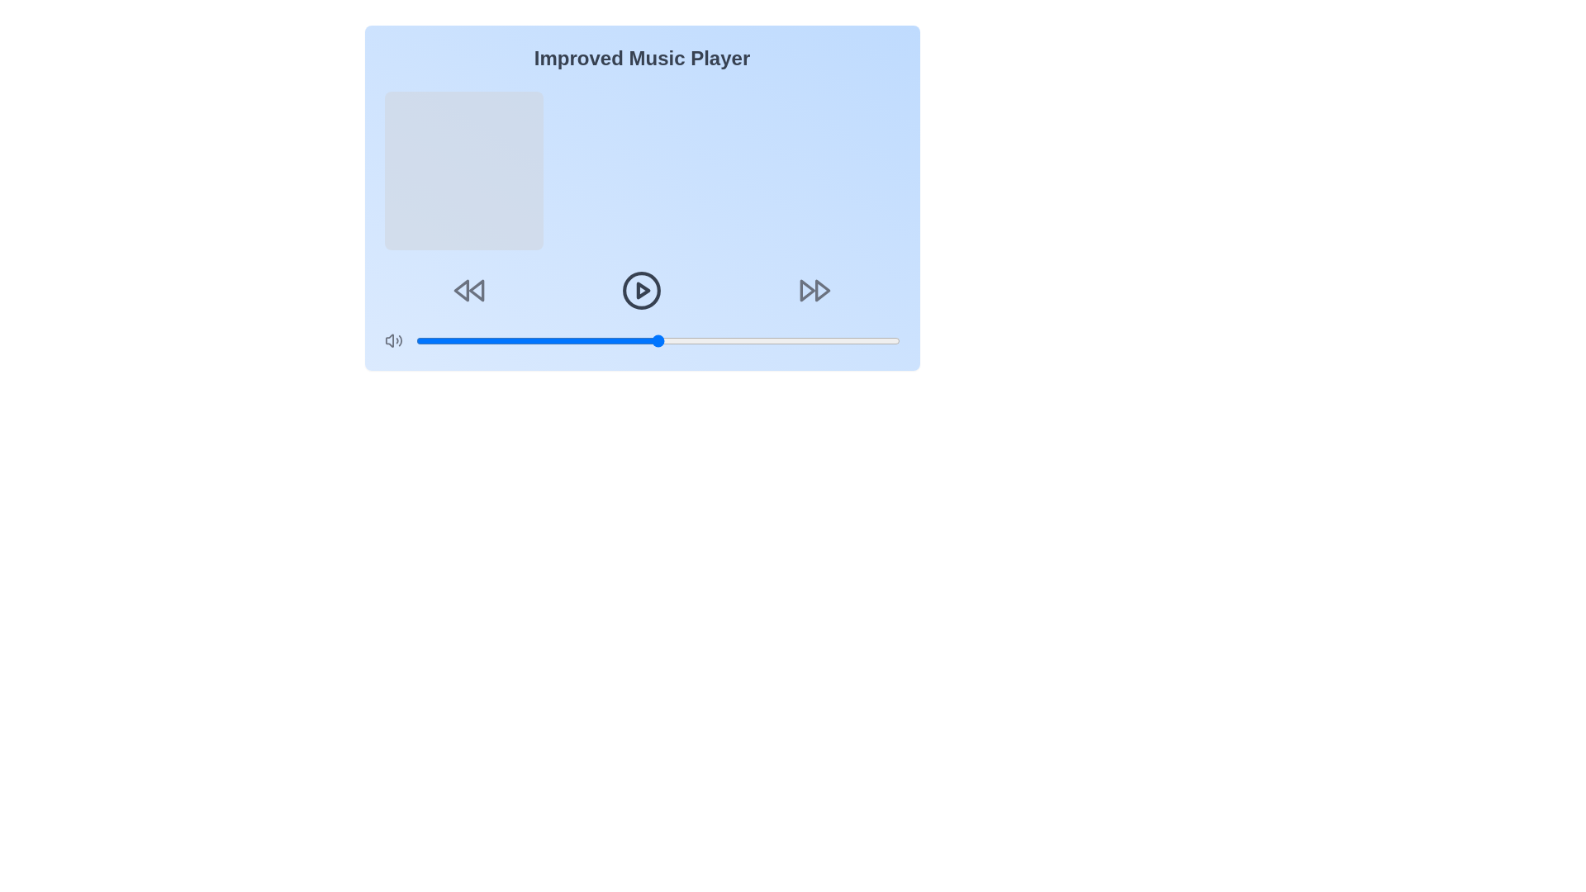 Image resolution: width=1586 pixels, height=892 pixels. What do you see at coordinates (388, 339) in the screenshot?
I see `the leftmost arc of the volume control icon that represents the speaker sound waves in the audio control interface` at bounding box center [388, 339].